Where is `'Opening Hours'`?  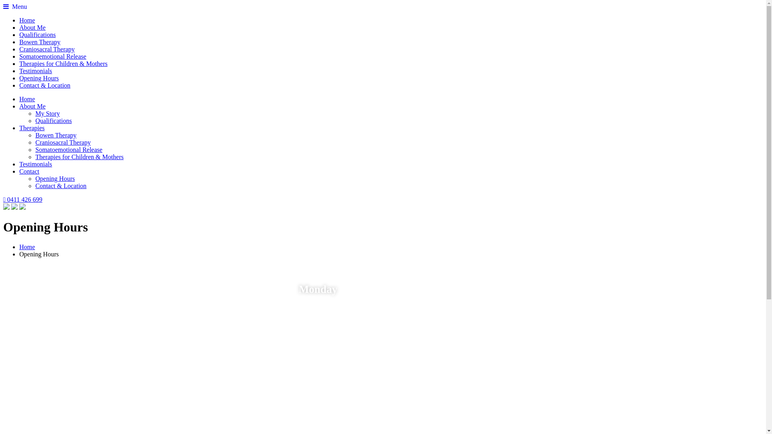 'Opening Hours' is located at coordinates (55, 178).